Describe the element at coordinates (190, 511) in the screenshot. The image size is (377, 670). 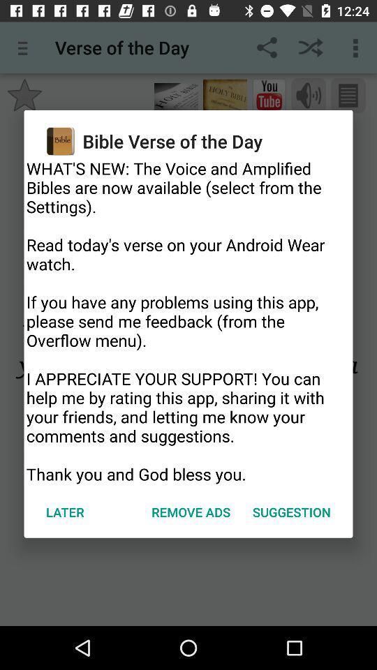
I see `icon next to the later icon` at that location.